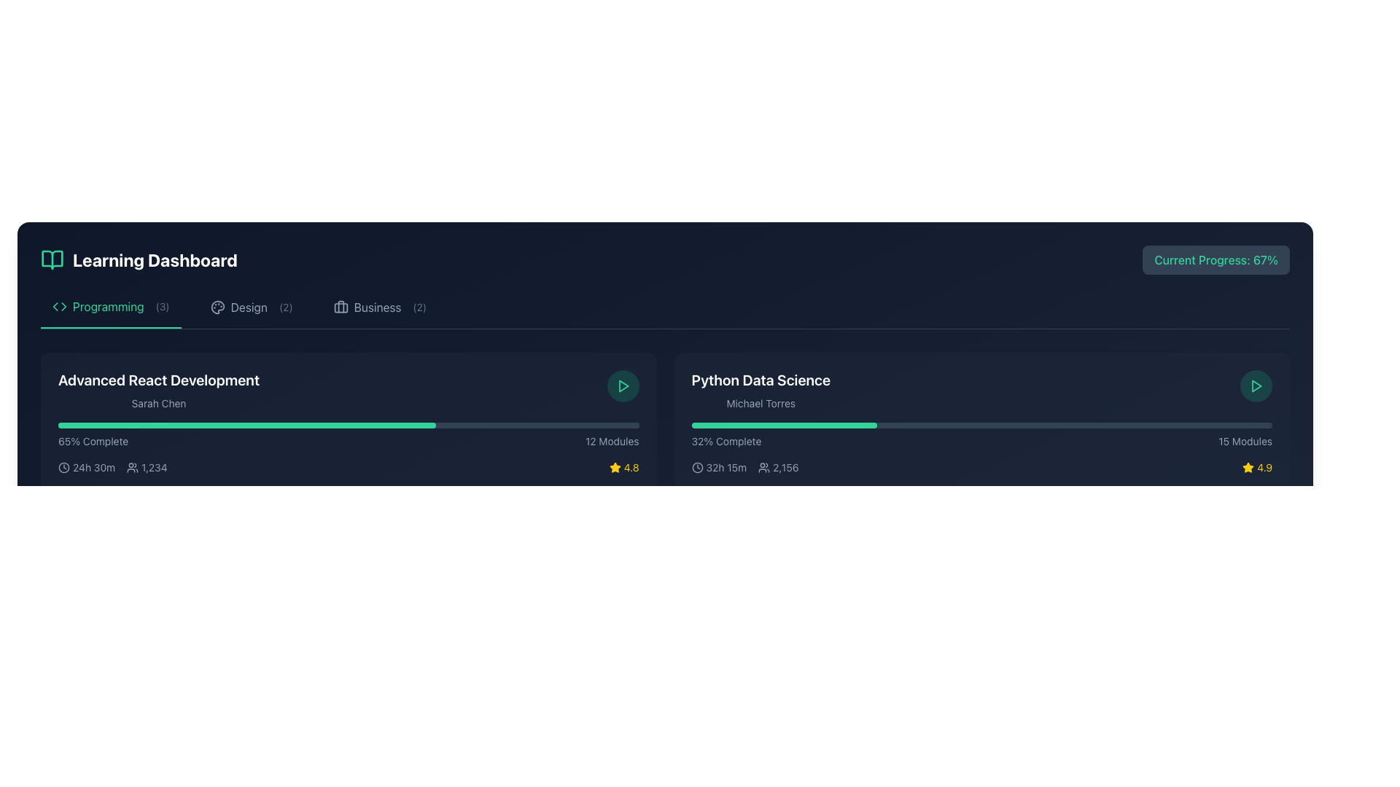 This screenshot has height=787, width=1400. Describe the element at coordinates (760, 404) in the screenshot. I see `the static text label displaying the name 'Michael Torres' located in the 'Python Data Science' section, which is positioned below the main heading and above the progress and details row` at that location.